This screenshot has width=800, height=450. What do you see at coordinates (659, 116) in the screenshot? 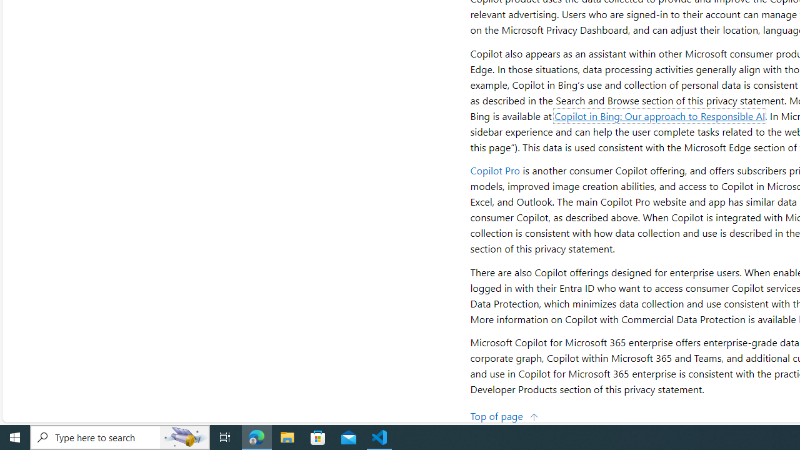
I see `'Copilot in Bing: Our approach to Responsible AI'` at bounding box center [659, 116].